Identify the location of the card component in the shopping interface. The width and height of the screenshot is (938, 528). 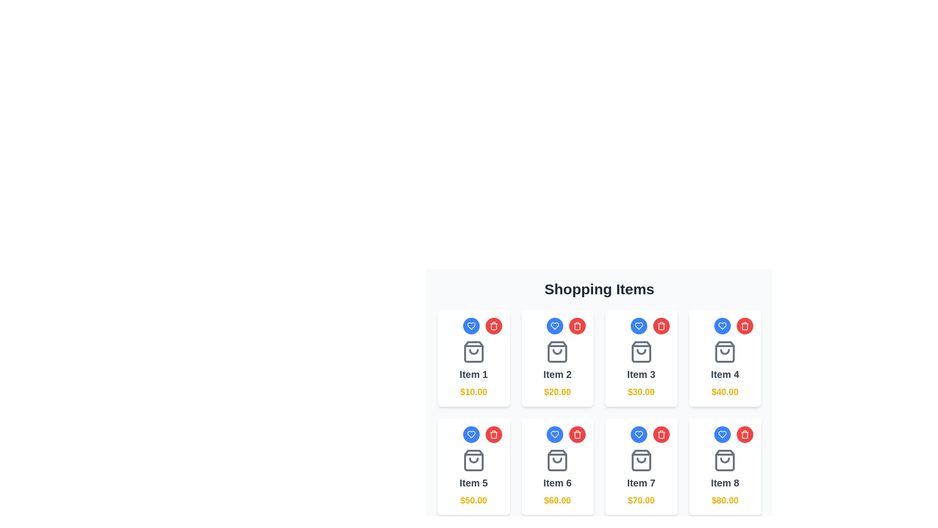
(725, 466).